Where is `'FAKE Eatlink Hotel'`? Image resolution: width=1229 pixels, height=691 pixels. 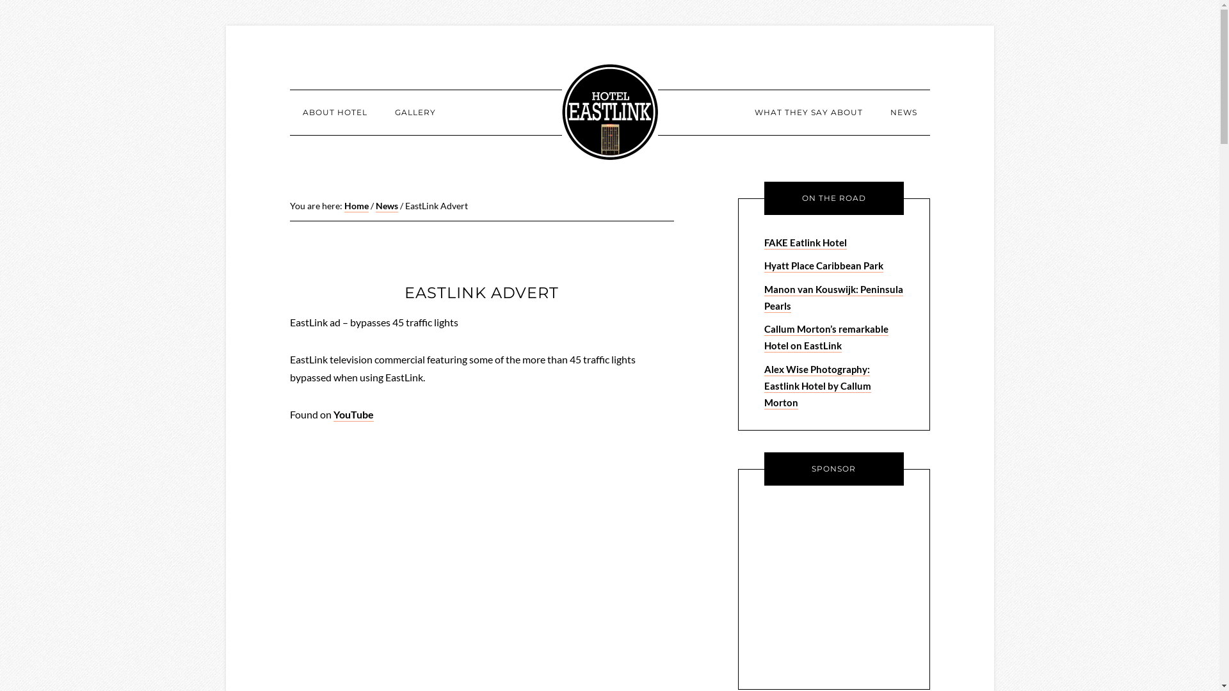
'FAKE Eatlink Hotel' is located at coordinates (764, 243).